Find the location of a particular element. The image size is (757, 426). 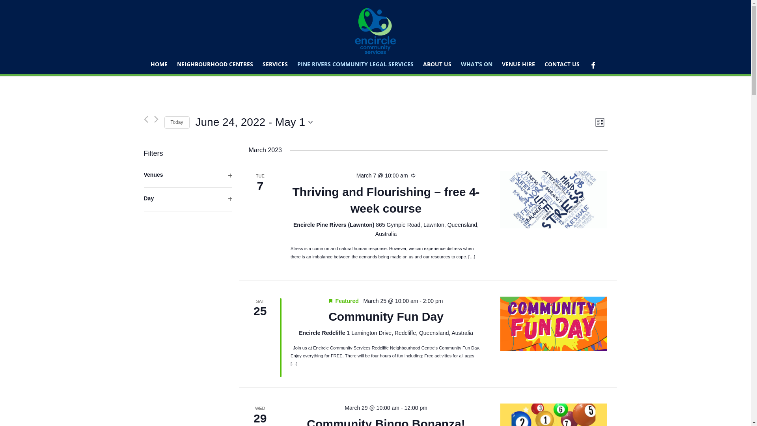

'Day is located at coordinates (187, 199).